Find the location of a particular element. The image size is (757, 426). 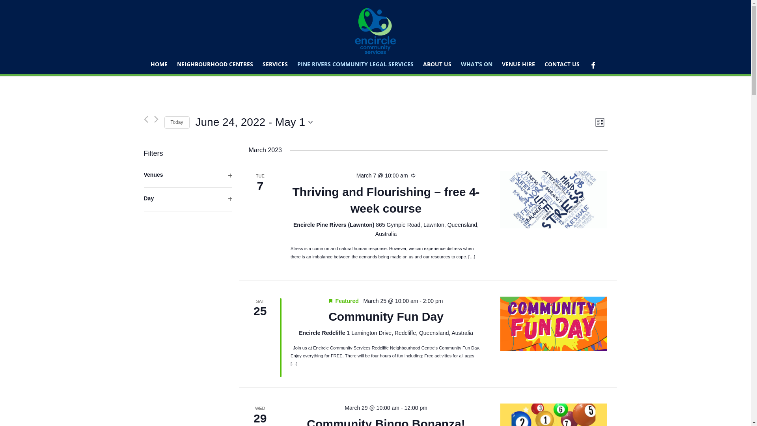

'Day is located at coordinates (187, 199).